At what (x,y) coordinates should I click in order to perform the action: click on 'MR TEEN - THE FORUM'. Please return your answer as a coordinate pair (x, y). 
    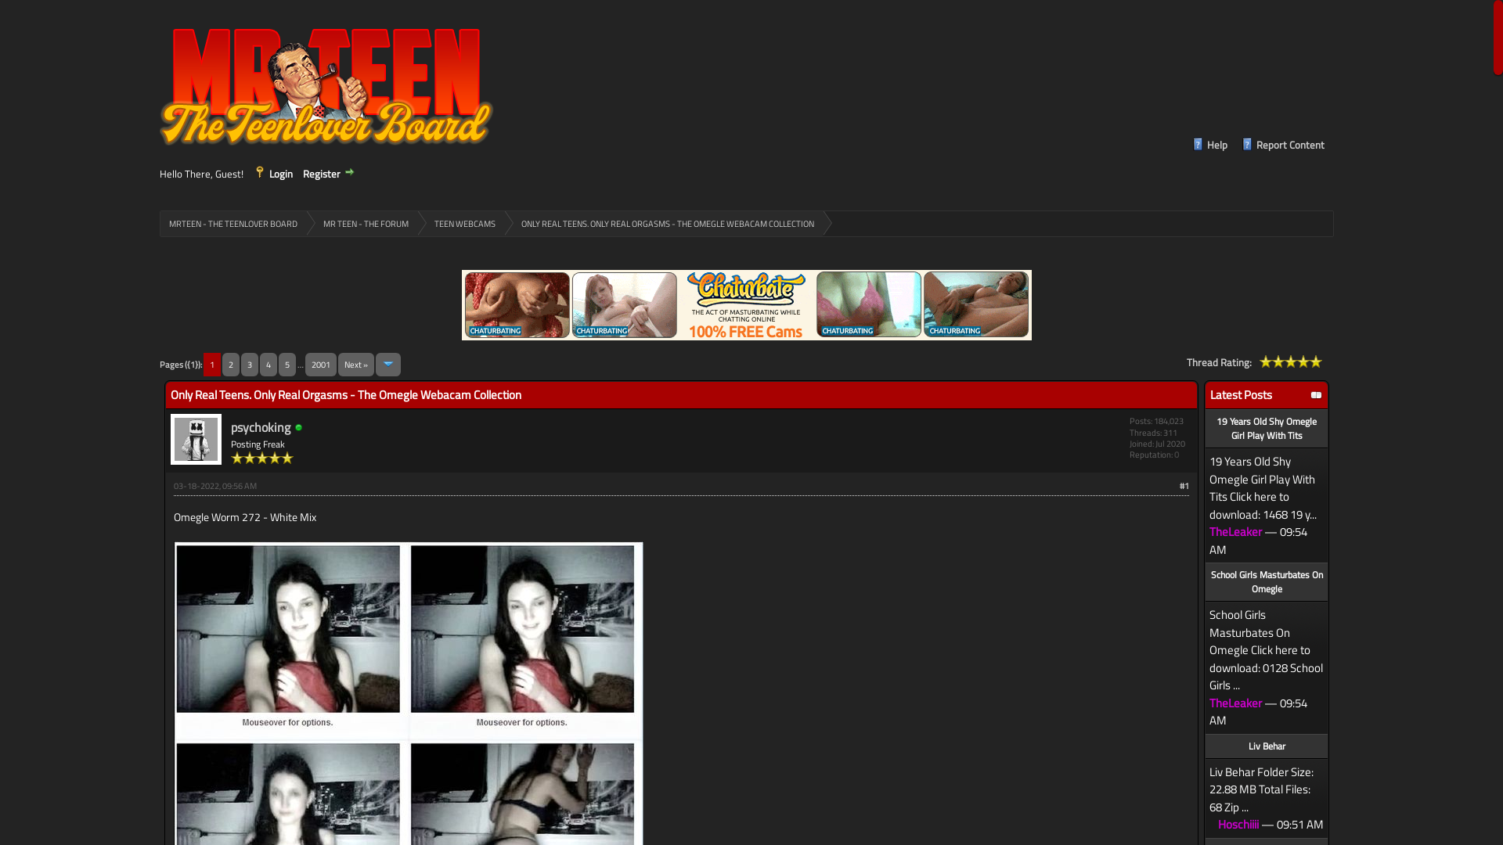
    Looking at the image, I should click on (360, 223).